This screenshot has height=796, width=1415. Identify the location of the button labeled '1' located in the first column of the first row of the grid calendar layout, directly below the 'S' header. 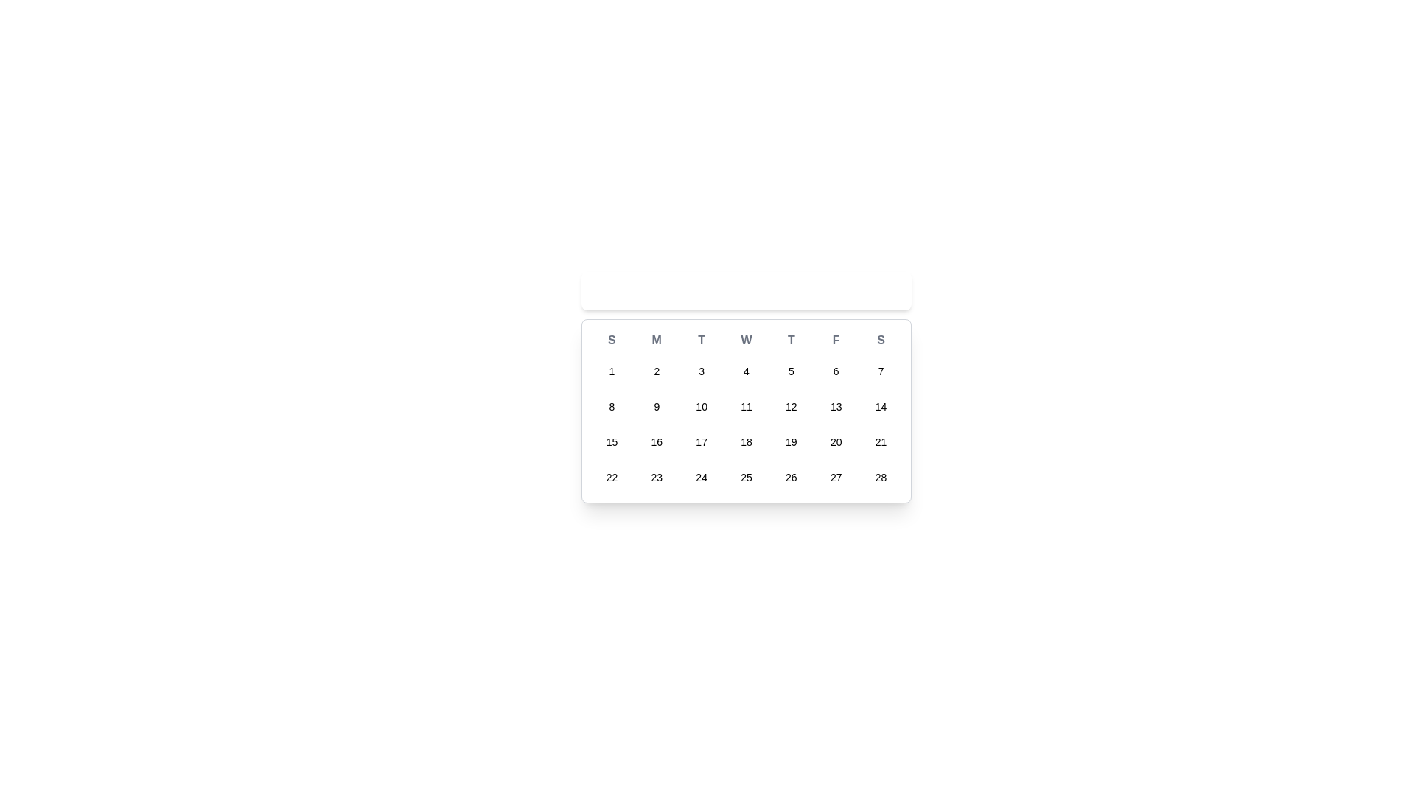
(612, 371).